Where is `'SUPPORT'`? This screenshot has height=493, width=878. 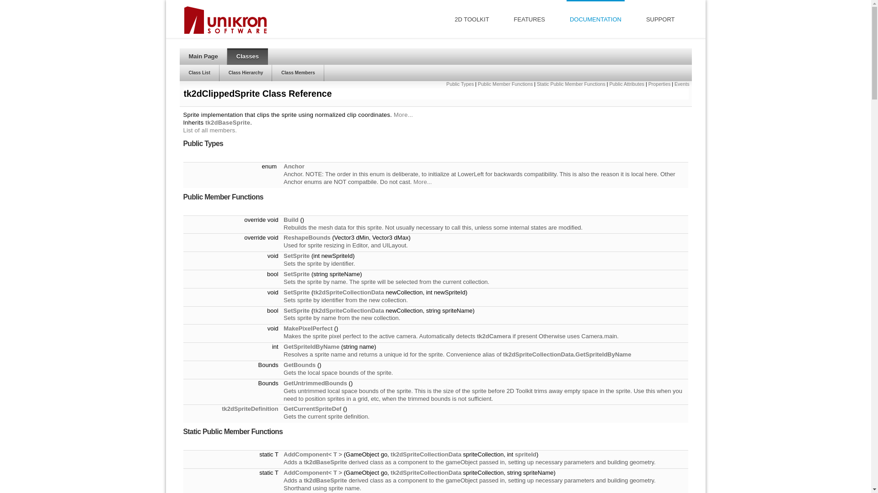
'SUPPORT' is located at coordinates (660, 19).